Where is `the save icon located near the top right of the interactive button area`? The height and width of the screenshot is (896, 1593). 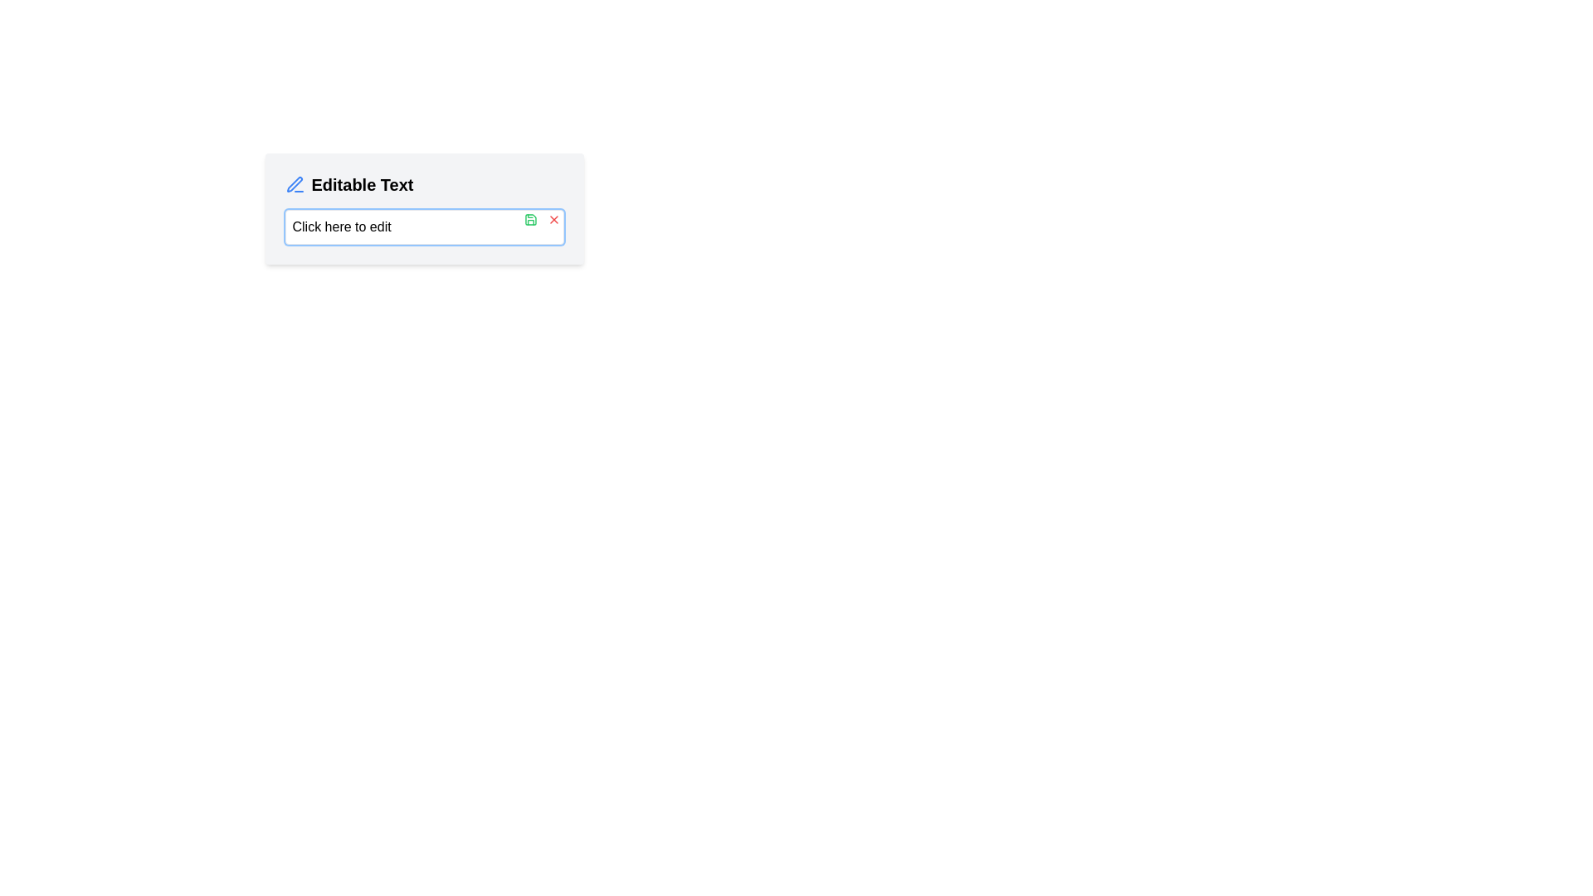
the save icon located near the top right of the interactive button area is located at coordinates (529, 219).